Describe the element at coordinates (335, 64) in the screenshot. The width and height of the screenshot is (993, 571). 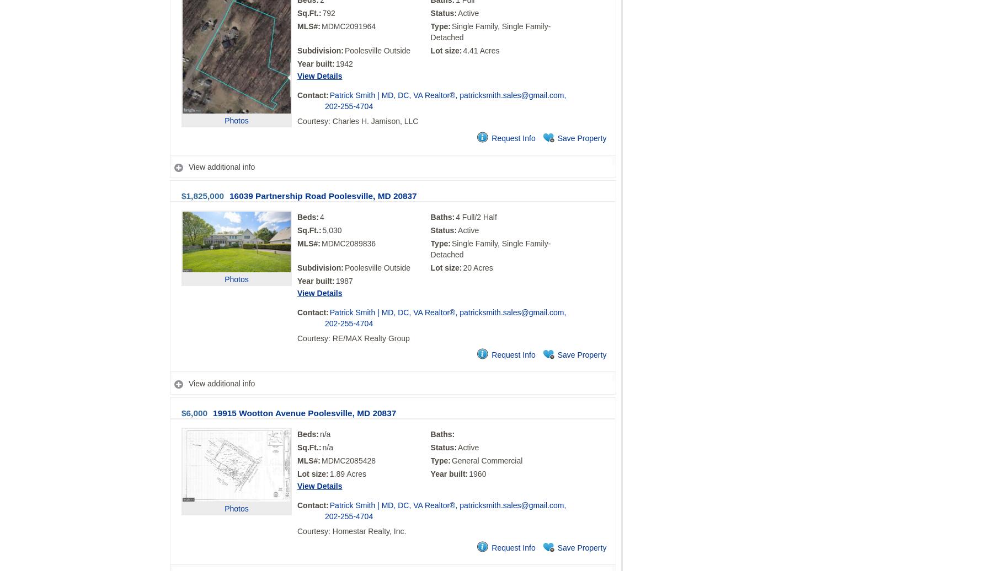
I see `'1942'` at that location.